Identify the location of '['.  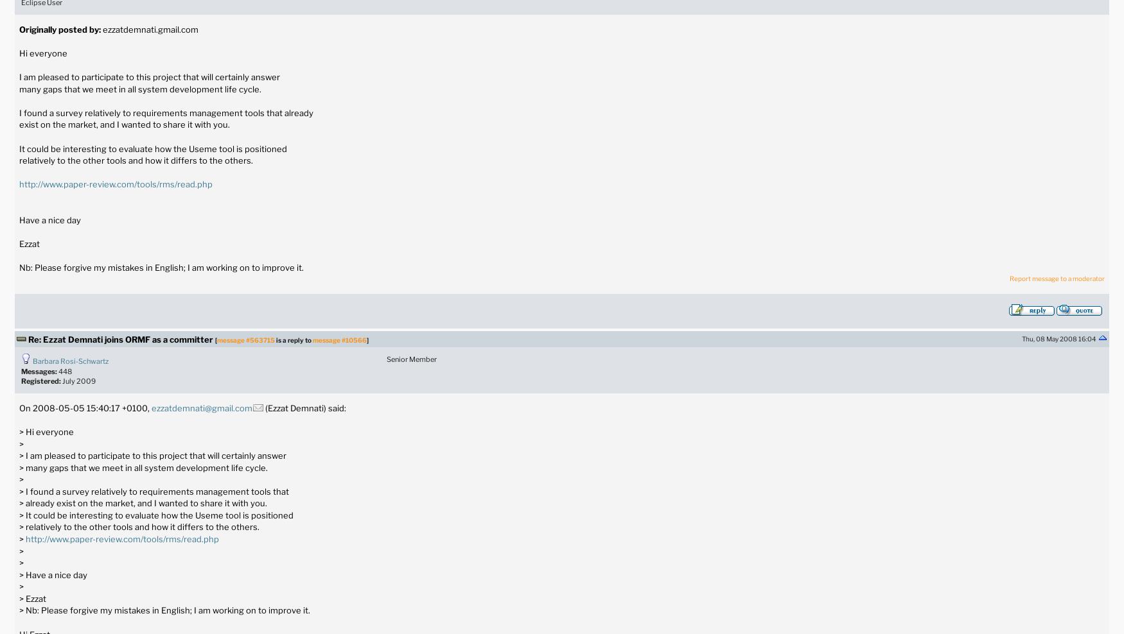
(216, 339).